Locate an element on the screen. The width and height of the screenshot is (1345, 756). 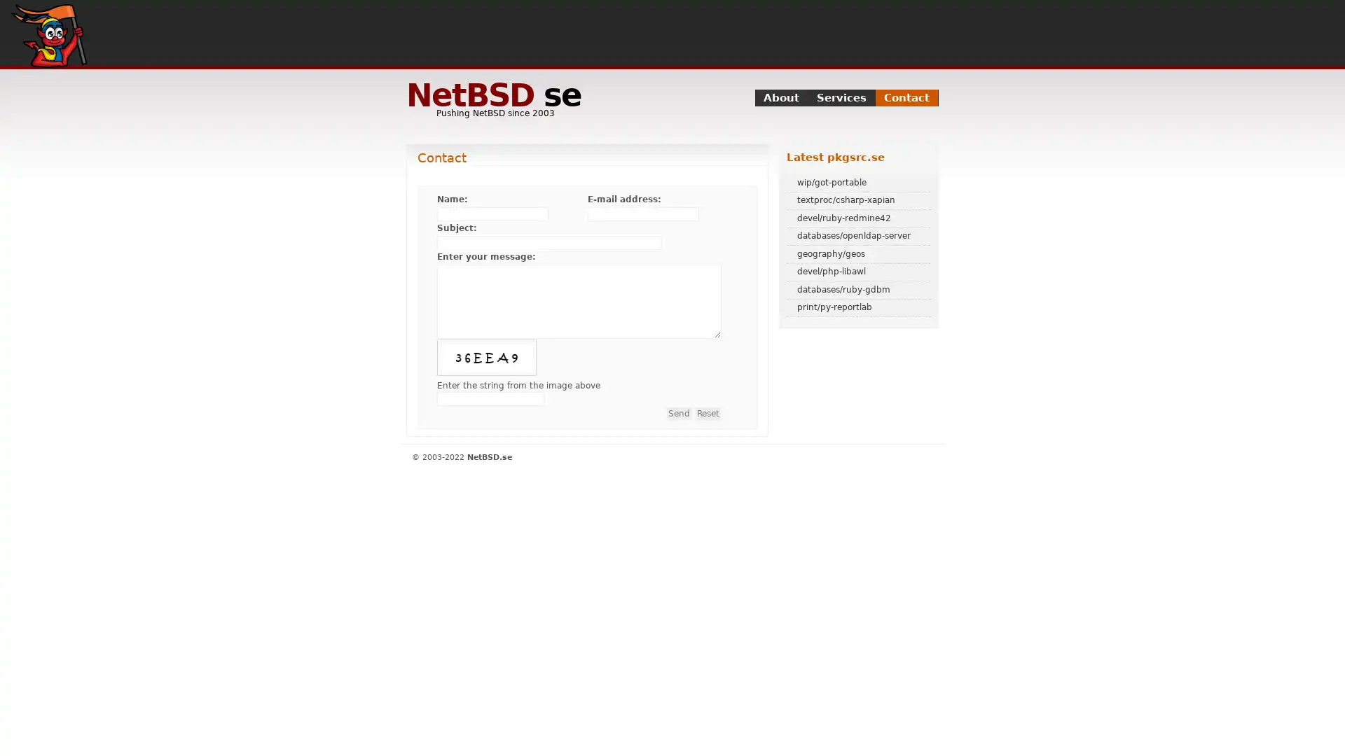
Send is located at coordinates (679, 412).